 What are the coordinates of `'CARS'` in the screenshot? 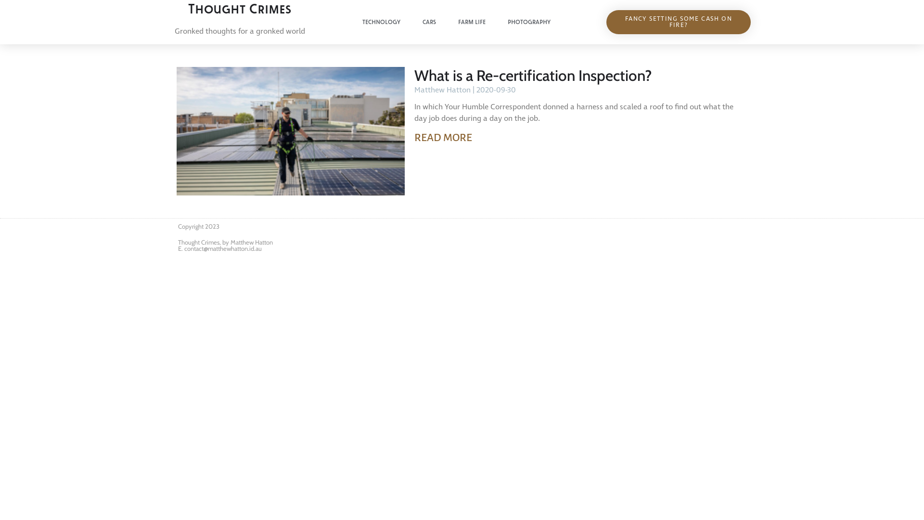 It's located at (429, 22).